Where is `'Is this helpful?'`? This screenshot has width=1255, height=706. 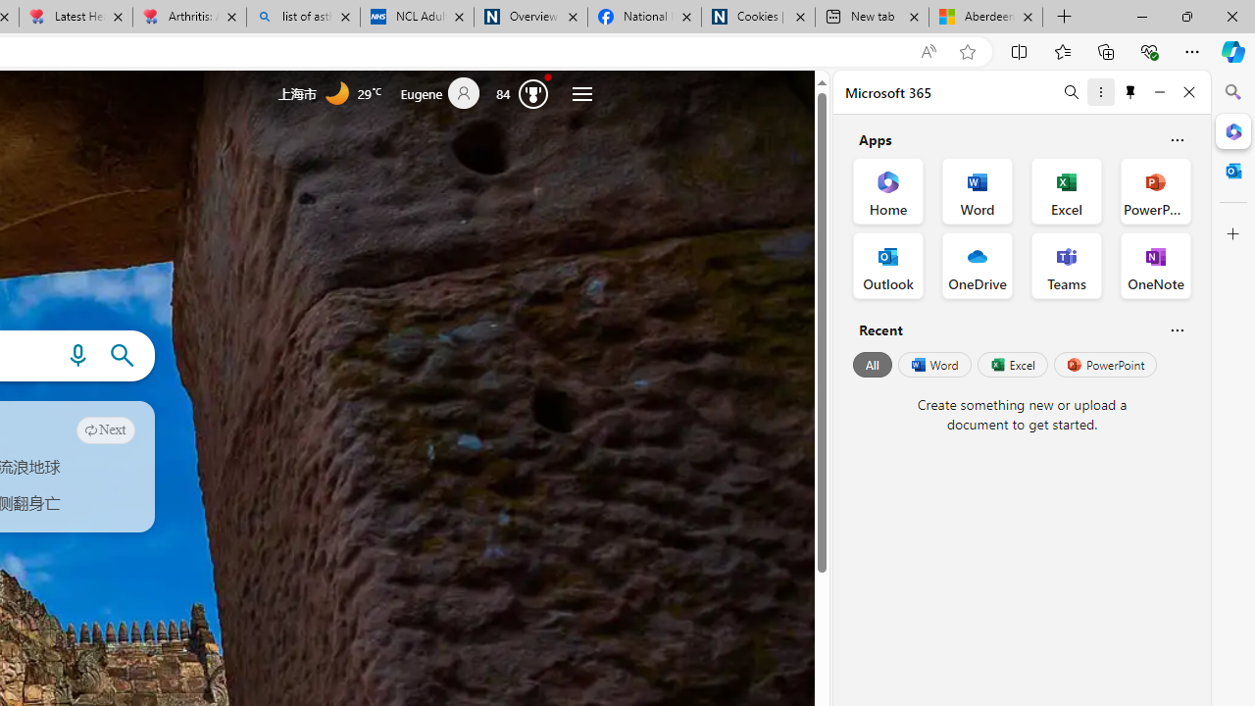 'Is this helpful?' is located at coordinates (1177, 328).